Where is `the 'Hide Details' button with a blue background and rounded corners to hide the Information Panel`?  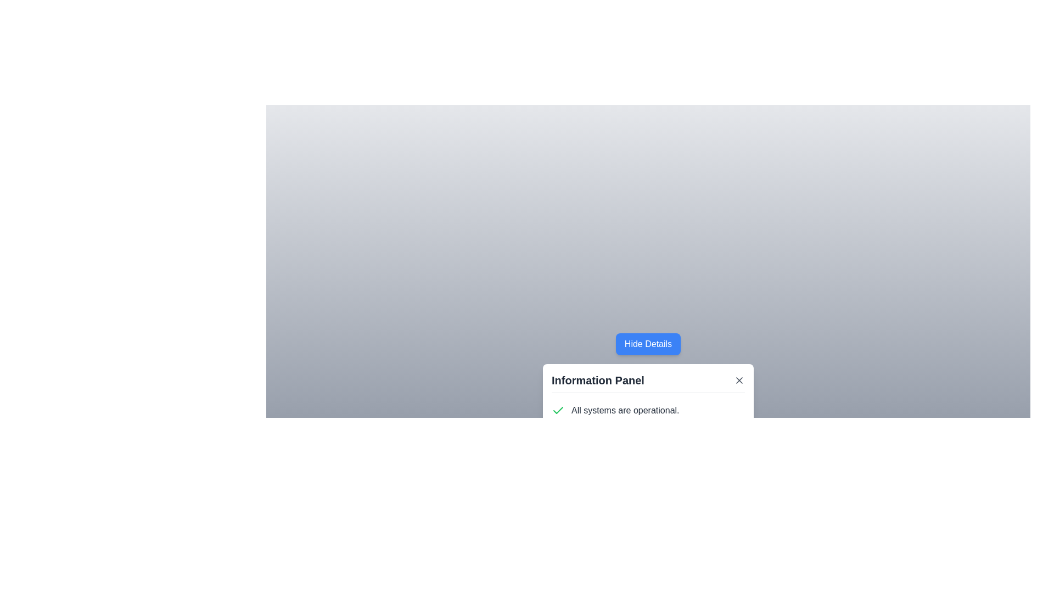
the 'Hide Details' button with a blue background and rounded corners to hide the Information Panel is located at coordinates (648, 343).